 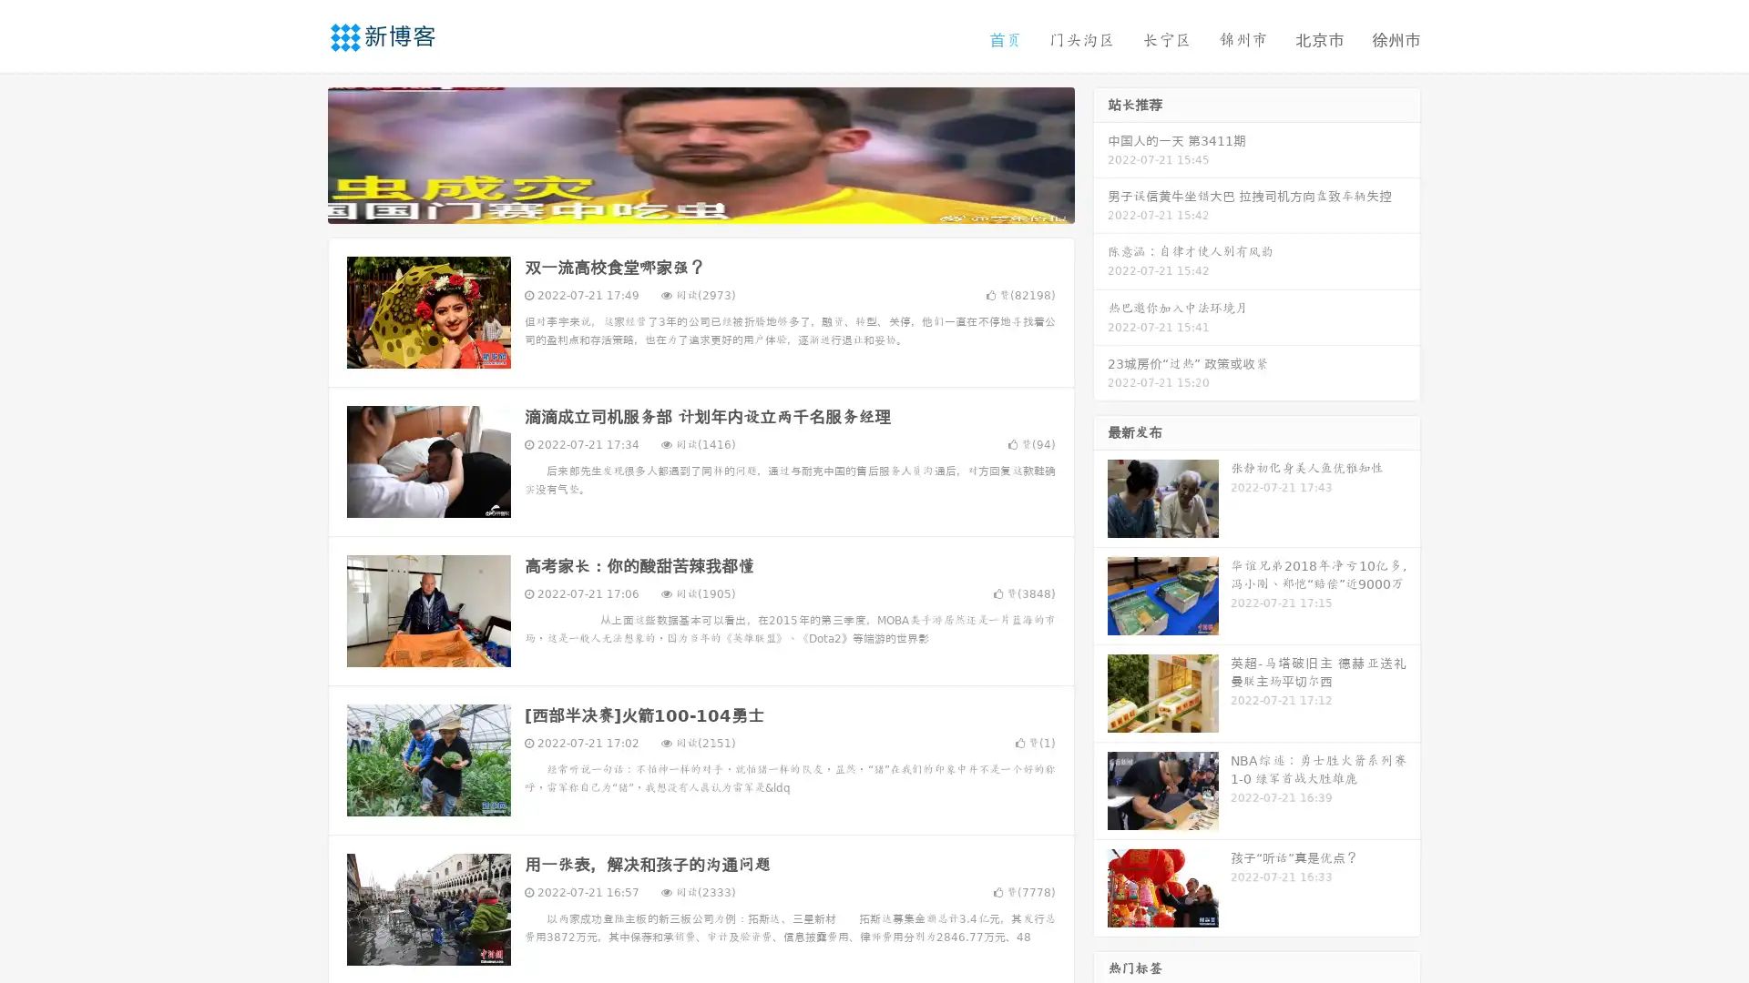 I want to click on Previous slide, so click(x=301, y=153).